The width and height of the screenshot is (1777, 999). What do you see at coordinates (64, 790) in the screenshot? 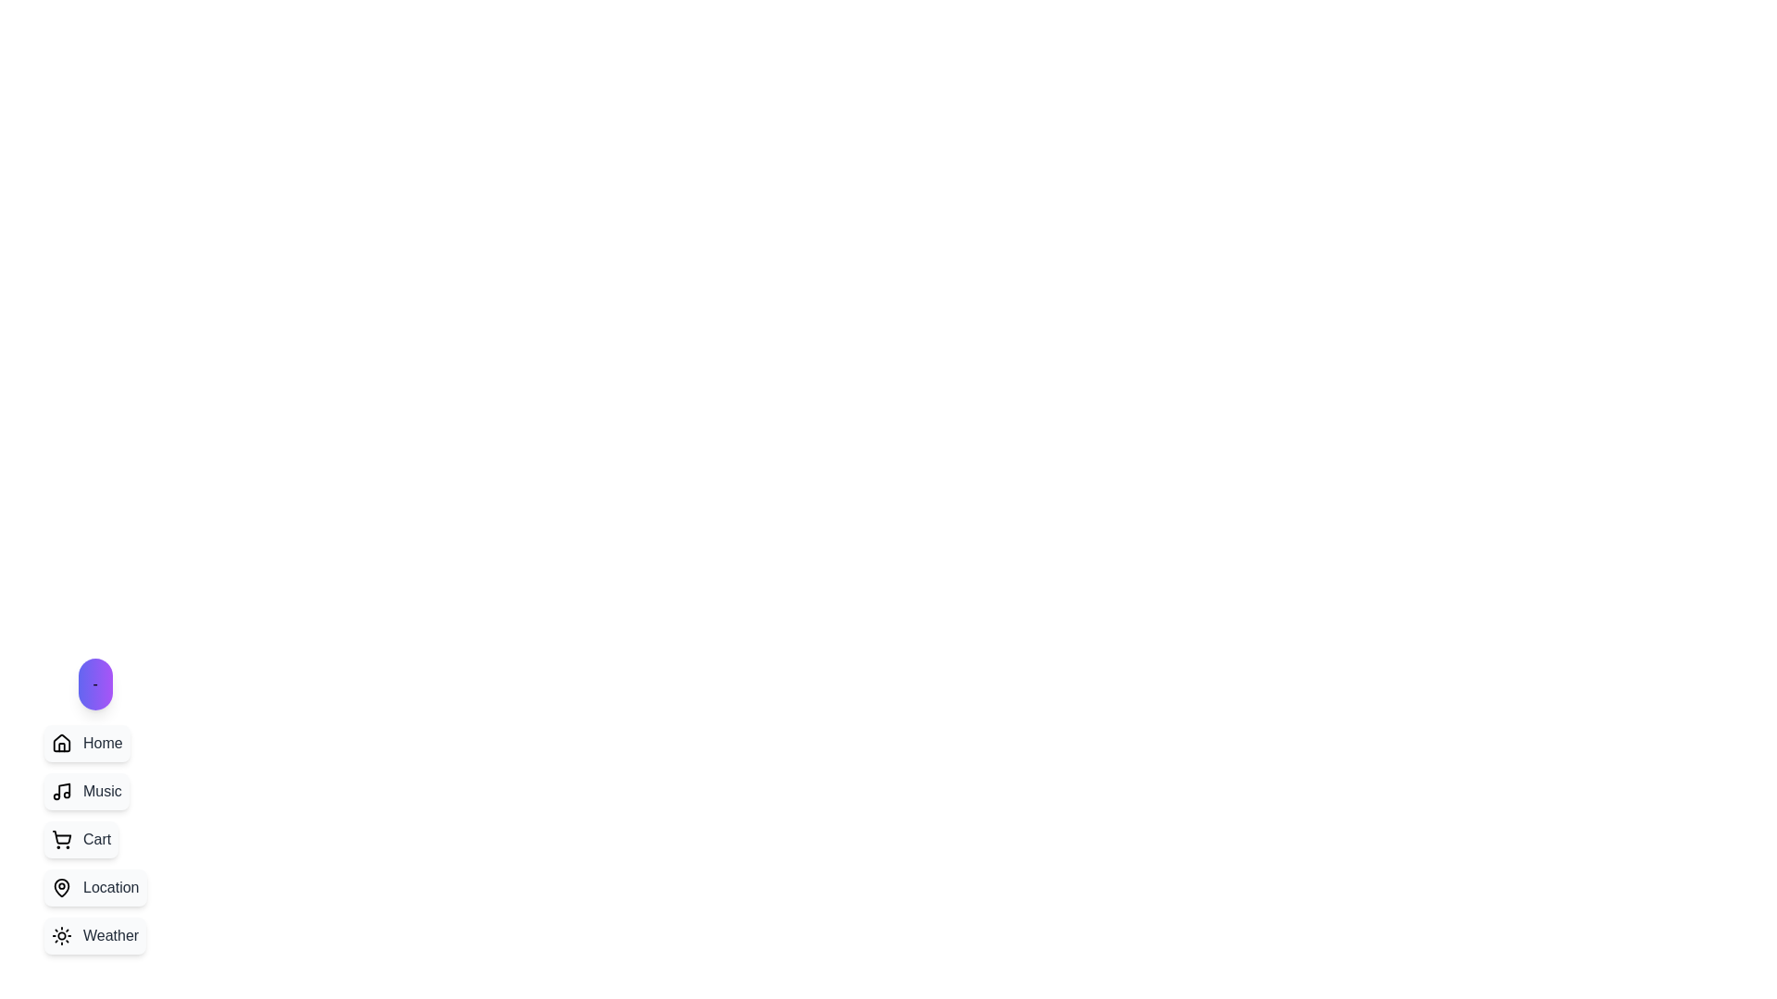
I see `the note icon representing the 'Music' menu option` at bounding box center [64, 790].